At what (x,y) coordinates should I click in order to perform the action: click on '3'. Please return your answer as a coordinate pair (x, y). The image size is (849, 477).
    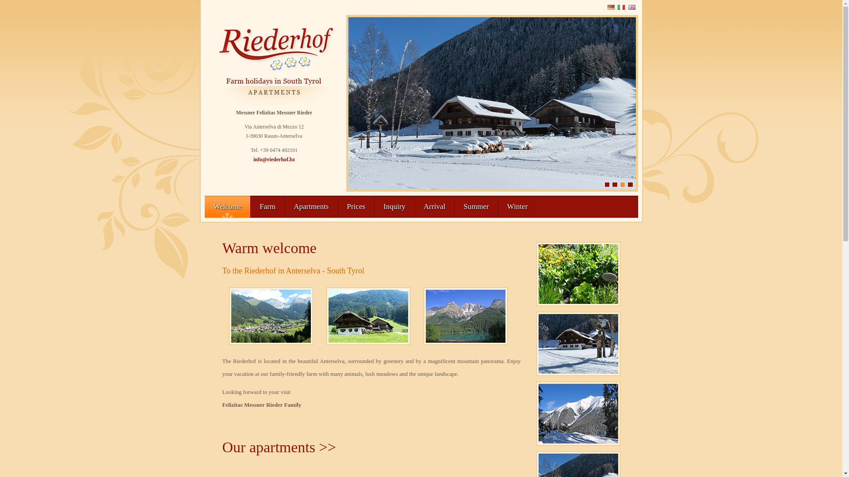
    Looking at the image, I should click on (622, 184).